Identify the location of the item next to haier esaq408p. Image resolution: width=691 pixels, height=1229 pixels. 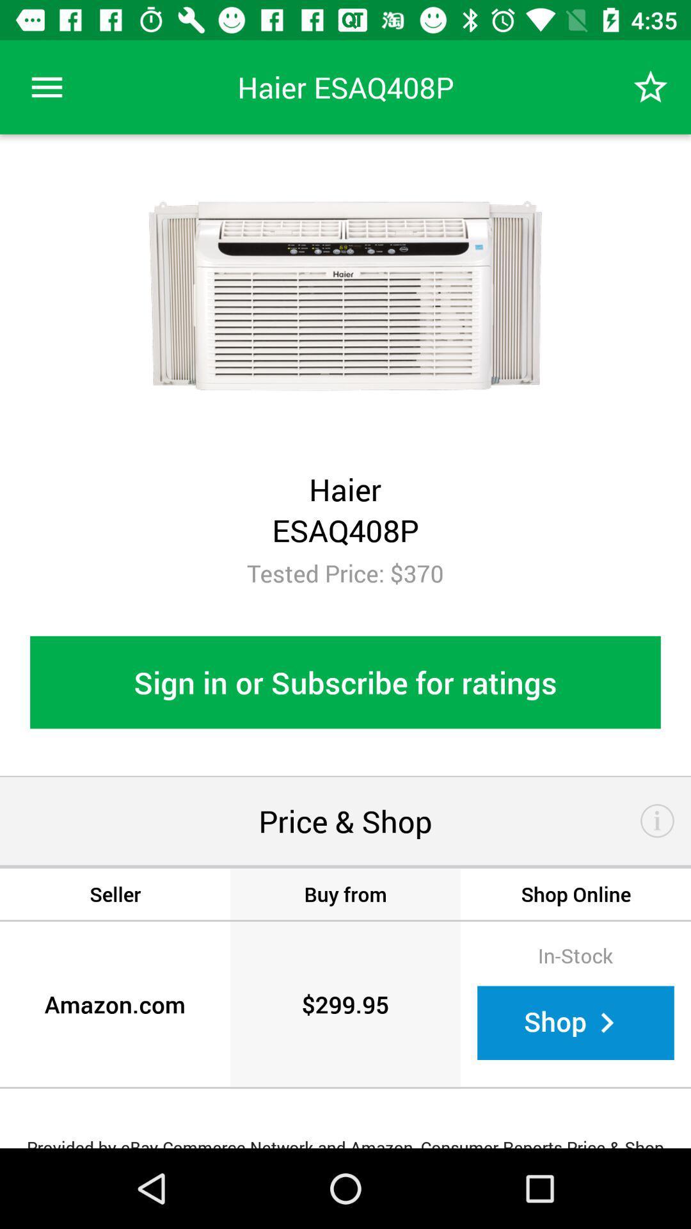
(46, 86).